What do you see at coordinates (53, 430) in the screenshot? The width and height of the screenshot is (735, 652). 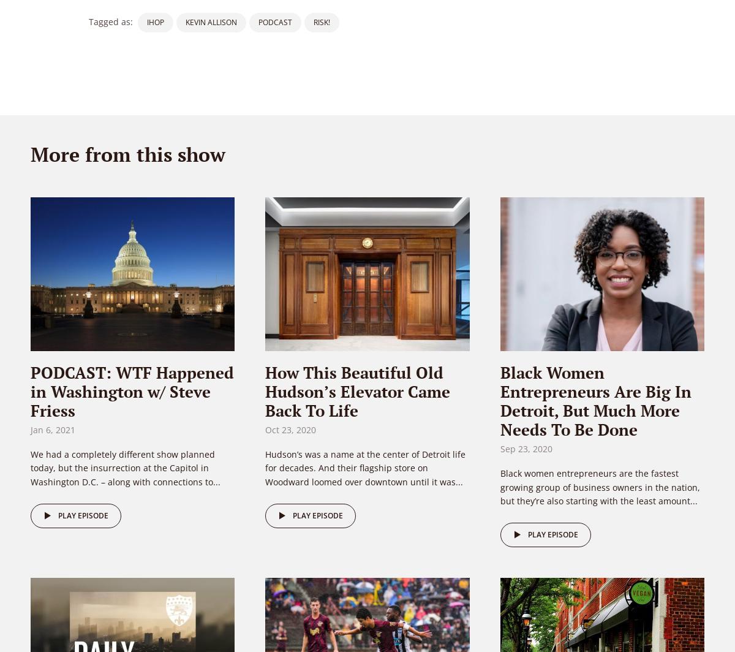 I see `'Jan 6, 2021'` at bounding box center [53, 430].